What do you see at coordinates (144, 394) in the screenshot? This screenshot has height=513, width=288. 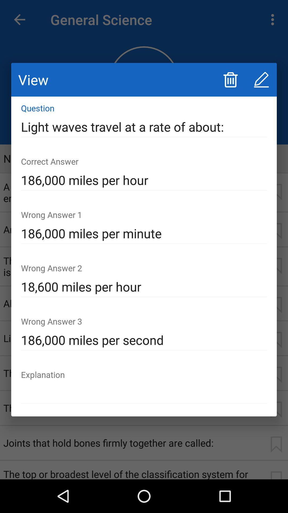 I see `the item at the bottom` at bounding box center [144, 394].